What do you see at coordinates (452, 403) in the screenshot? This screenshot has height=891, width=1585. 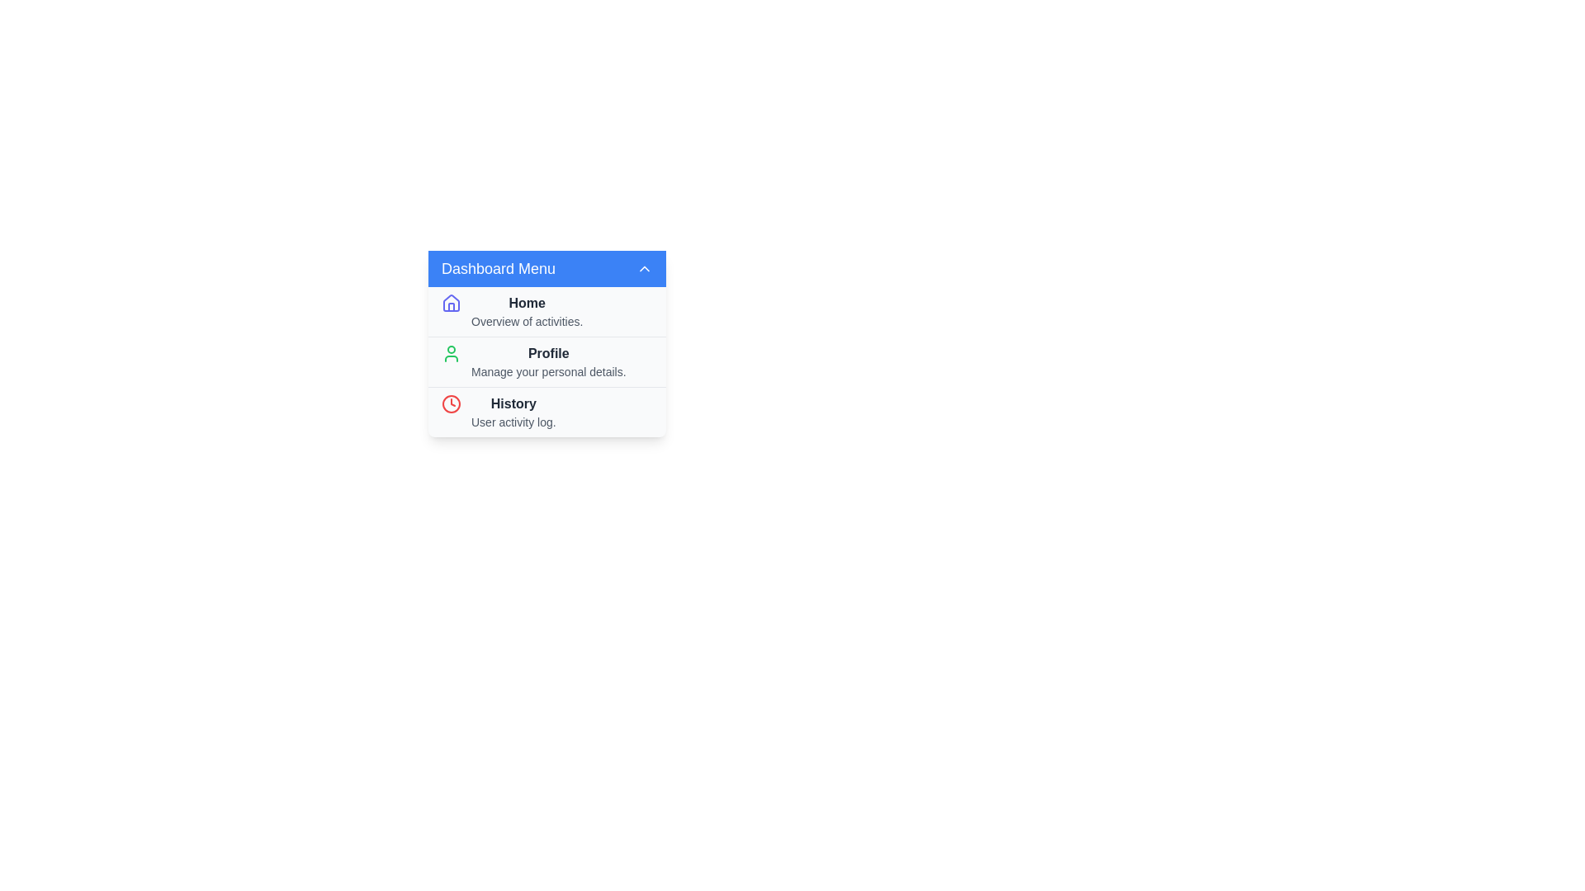 I see `the circular border of the clock icon at the bottom of the 'History' menu in the dashboard` at bounding box center [452, 403].